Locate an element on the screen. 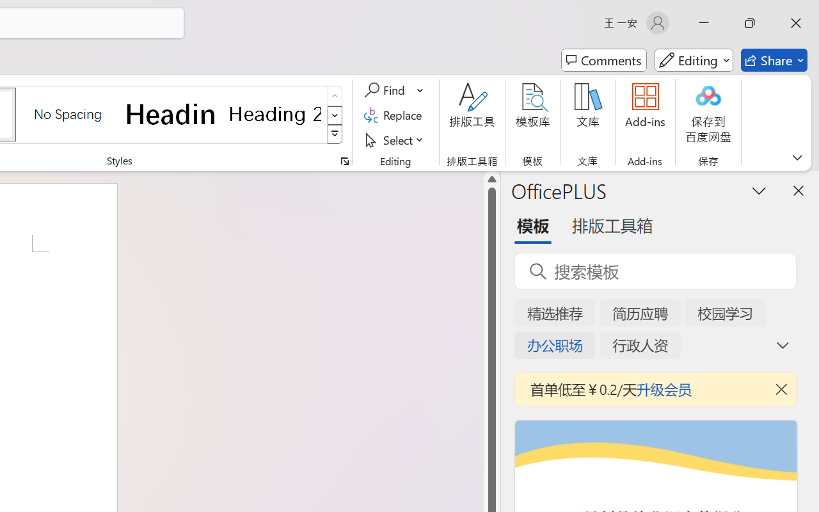 The height and width of the screenshot is (512, 819). 'Task Pane Options' is located at coordinates (759, 190).